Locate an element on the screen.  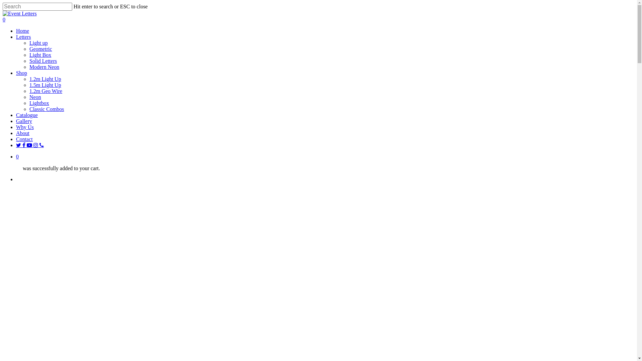
'twitter' is located at coordinates (19, 145).